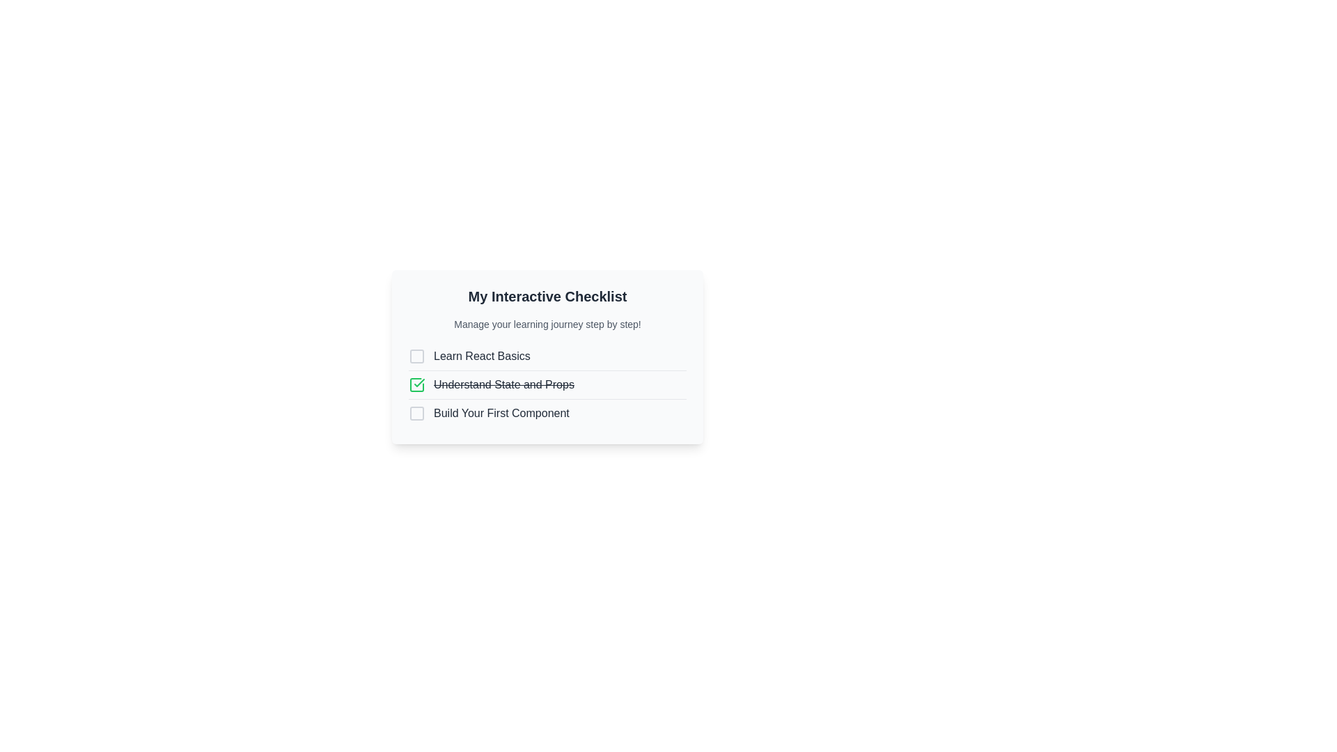  What do you see at coordinates (547, 356) in the screenshot?
I see `the checkbox for the 'Learn React Basics' checklist item to mark it as complete` at bounding box center [547, 356].